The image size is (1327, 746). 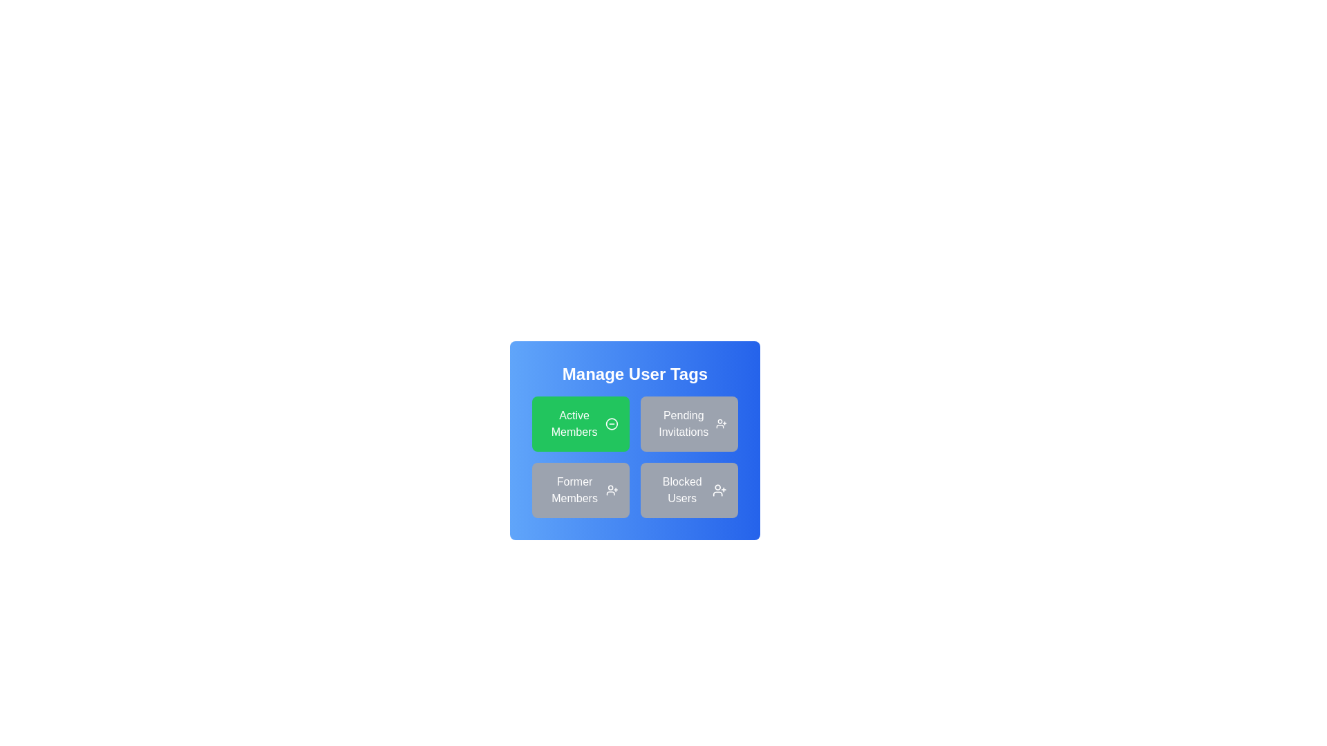 What do you see at coordinates (684, 423) in the screenshot?
I see `the 'Pending Invitations' label, which is styled with a light-gray background and is located in the top-right quadrant of a 2x2 grid layout, adjacent to 'Active Members' on its left and above 'Blocked Users'` at bounding box center [684, 423].